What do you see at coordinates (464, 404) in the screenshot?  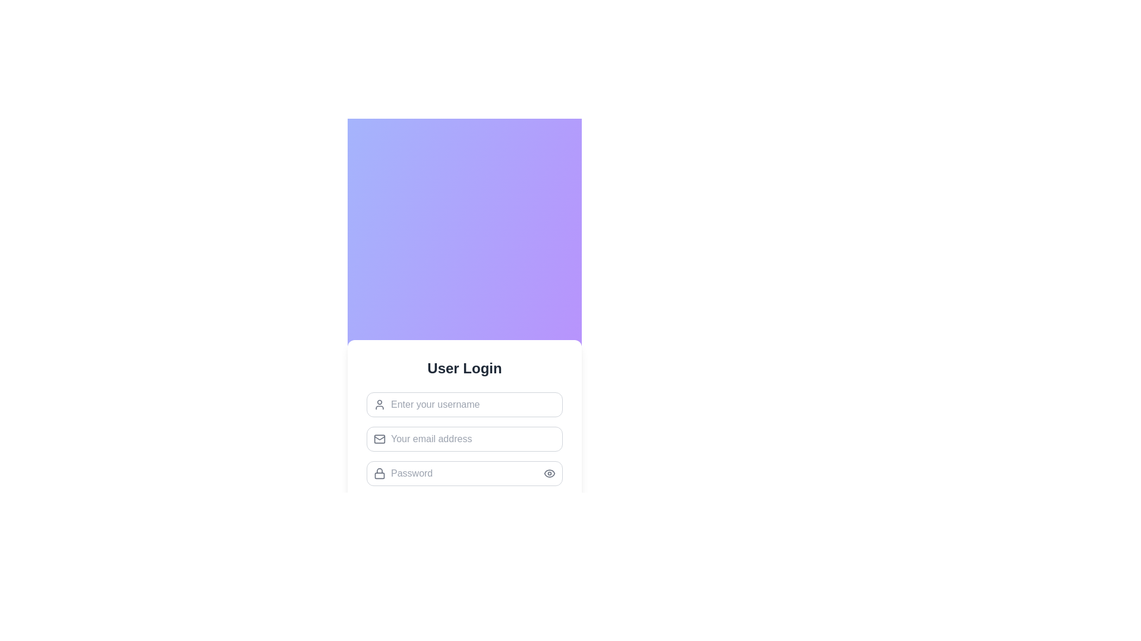 I see `the text input field for entering the username, which has a placeholder text 'Enter your username', to focus on it` at bounding box center [464, 404].